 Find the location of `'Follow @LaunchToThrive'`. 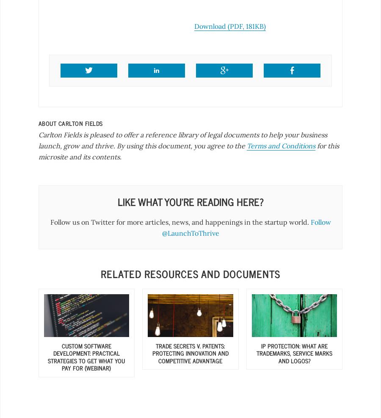

'Follow @LaunchToThrive' is located at coordinates (161, 227).